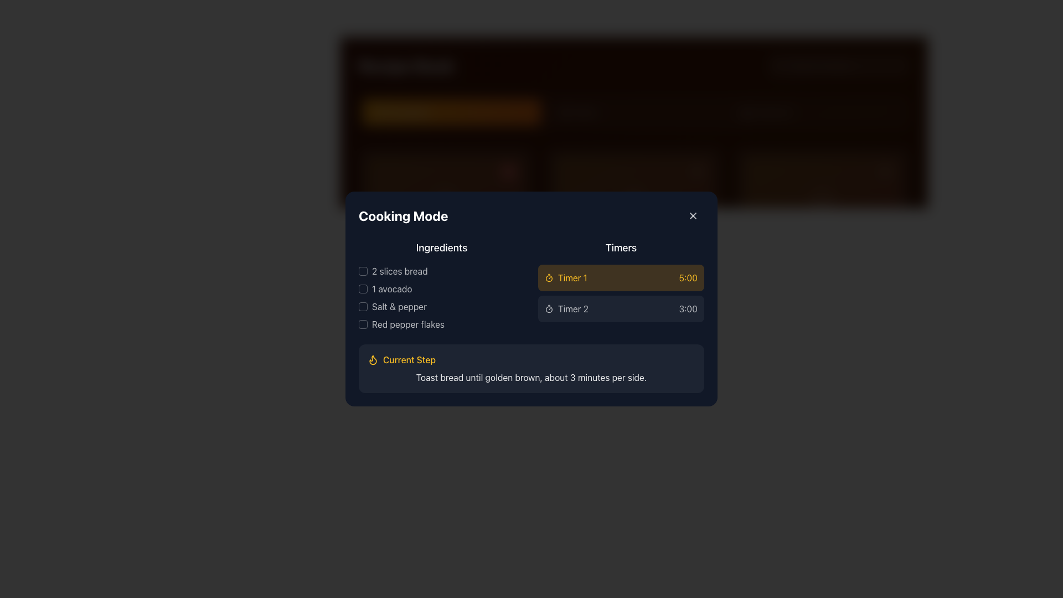 The height and width of the screenshot is (598, 1063). Describe the element at coordinates (560, 279) in the screenshot. I see `the circular clock-like icon located to the left of the text '25 mins' in the 'Cooking Mode' dialog box` at that location.